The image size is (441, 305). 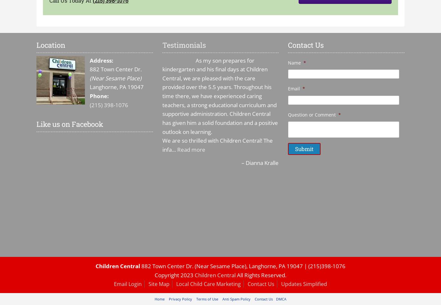 What do you see at coordinates (293, 88) in the screenshot?
I see `'Email'` at bounding box center [293, 88].